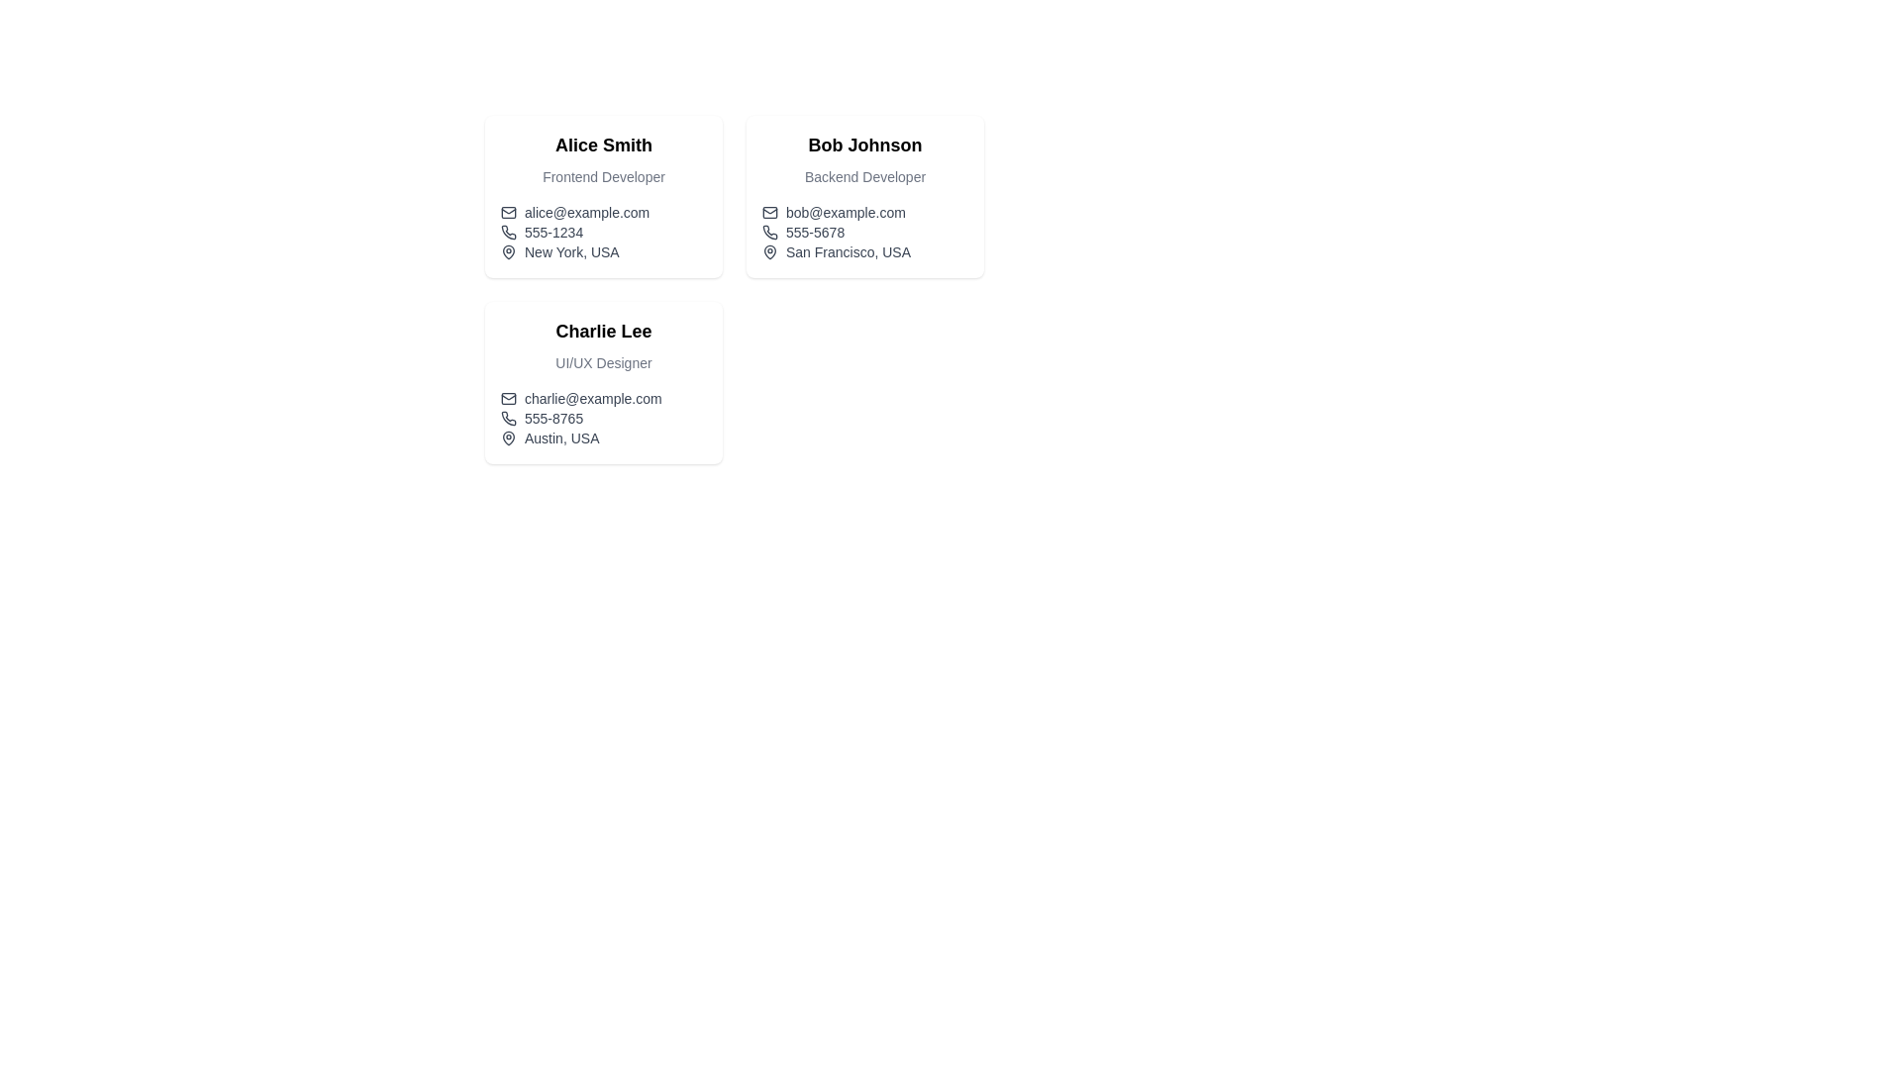 This screenshot has height=1069, width=1901. What do you see at coordinates (553, 232) in the screenshot?
I see `the phone number text field displaying '555-1234' in muted gray color, which is located next to the phone icon within the profile card for 'Alice Smith'` at bounding box center [553, 232].